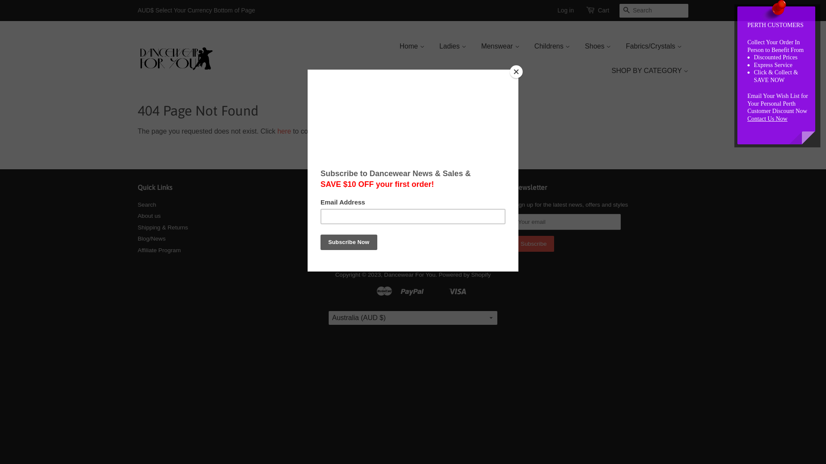 The image size is (826, 464). Describe the element at coordinates (603, 10) in the screenshot. I see `'Cart'` at that location.